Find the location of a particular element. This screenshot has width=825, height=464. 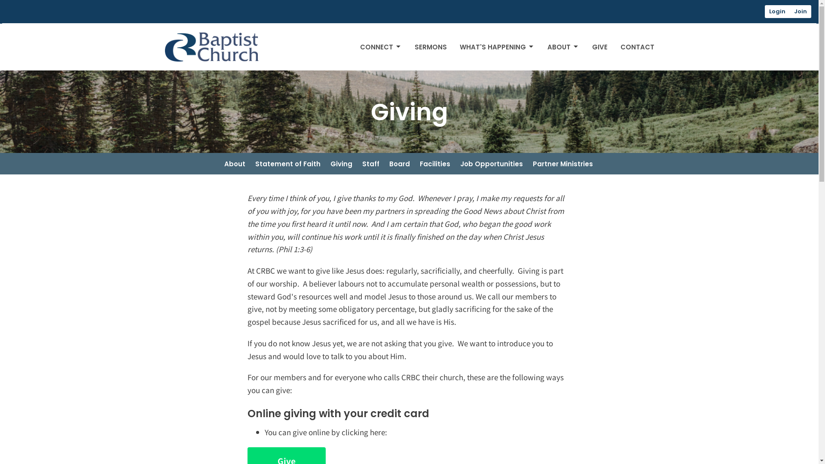

'Statement of Faith' is located at coordinates (288, 164).